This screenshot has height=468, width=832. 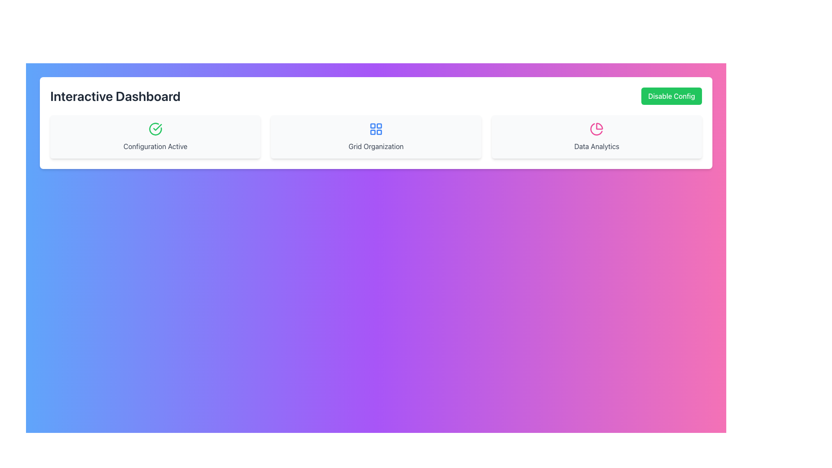 I want to click on the top-left square of the 2x2 grid within the 'Grid Organization' icon located in the second card of the top dashboard area, so click(x=373, y=126).